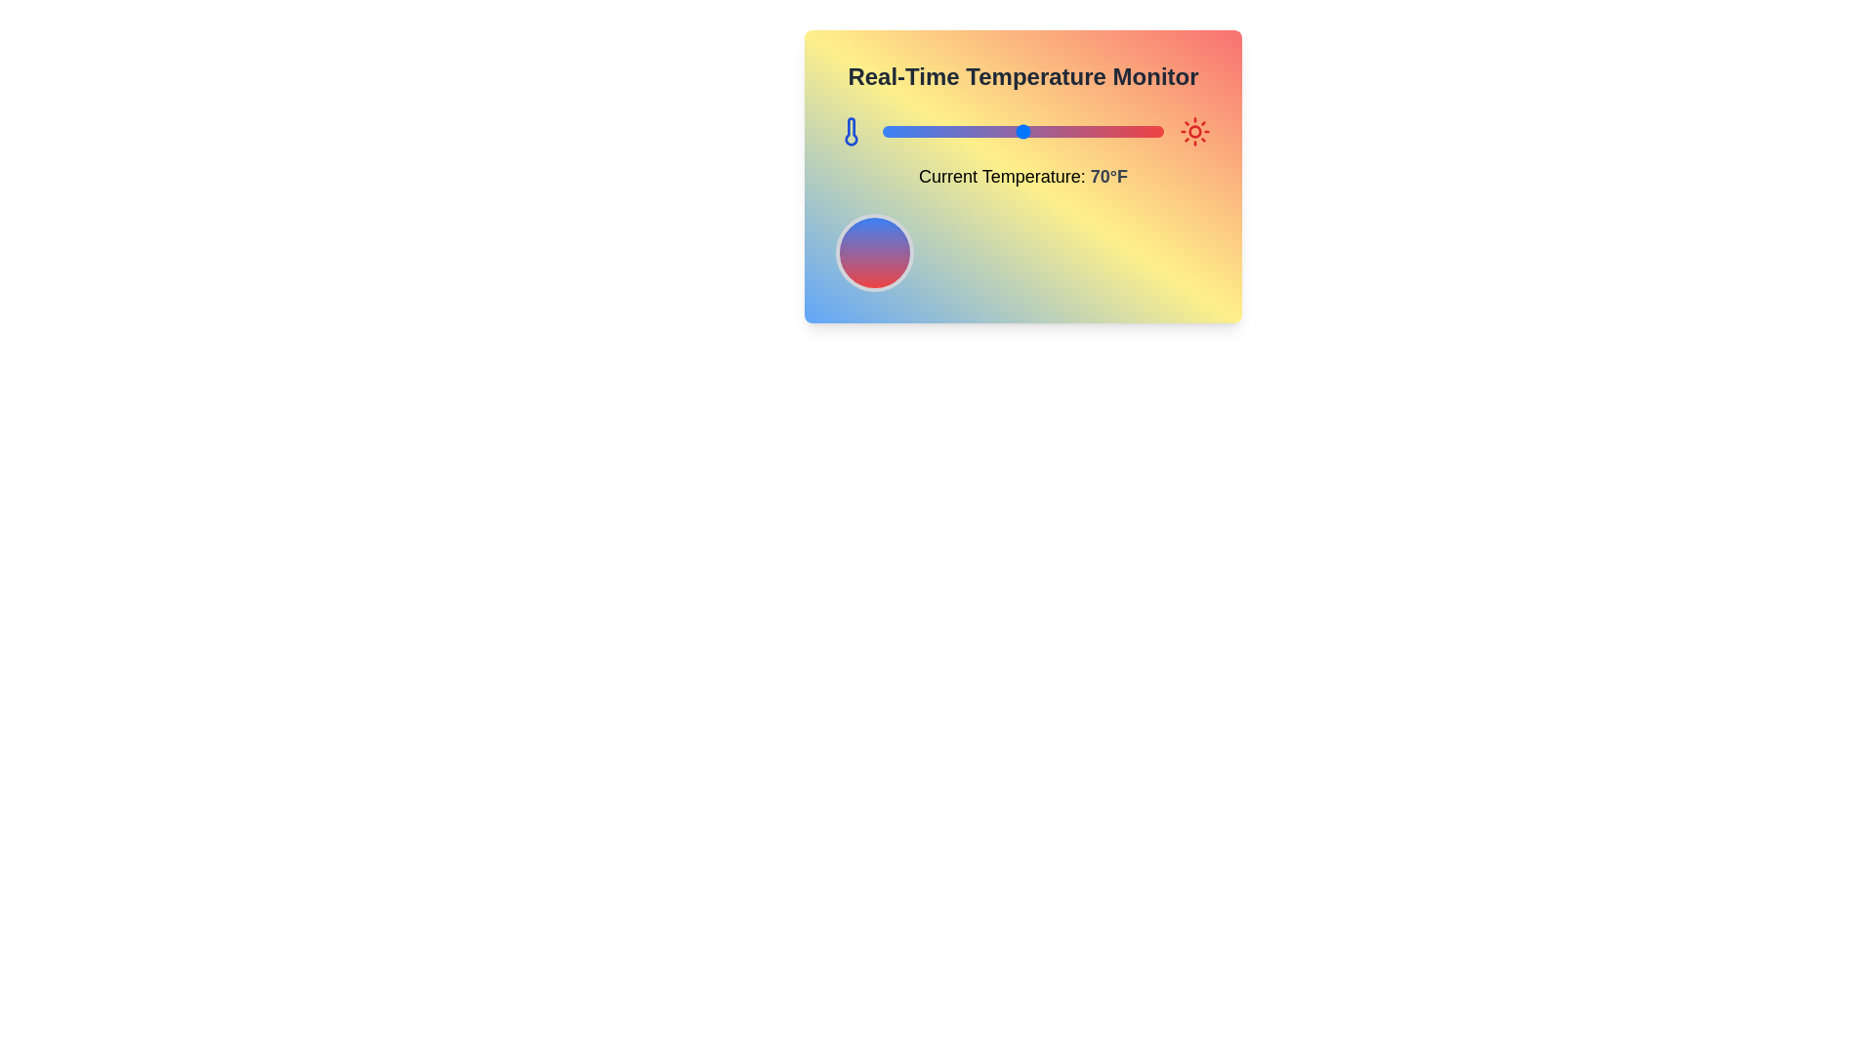 The image size is (1875, 1055). I want to click on the temperature slider to set the temperature to 76°F, so click(1039, 132).